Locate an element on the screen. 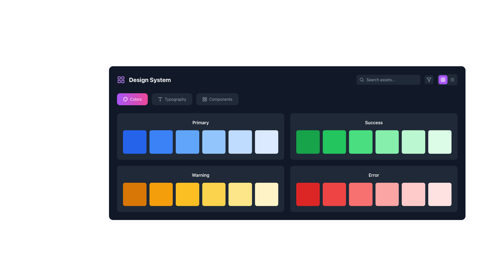 The image size is (480, 270). the small rectangular shape with rounded corners, styled in red, located centrally within the first red square of the 'Error' color palette in the bottom-right section of the interface is located at coordinates (308, 194).